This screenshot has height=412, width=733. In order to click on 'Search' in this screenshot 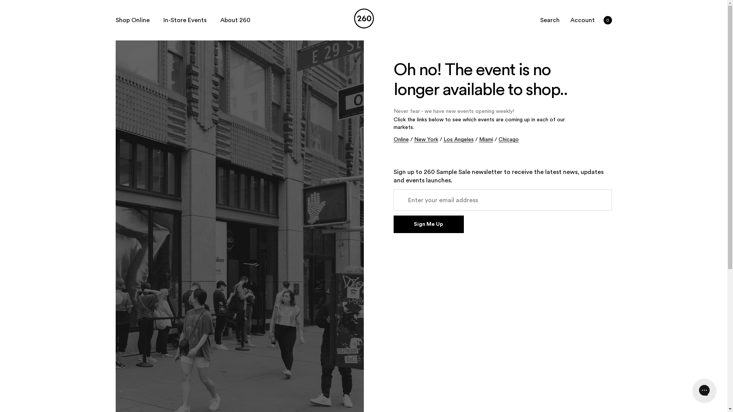, I will do `click(550, 20)`.